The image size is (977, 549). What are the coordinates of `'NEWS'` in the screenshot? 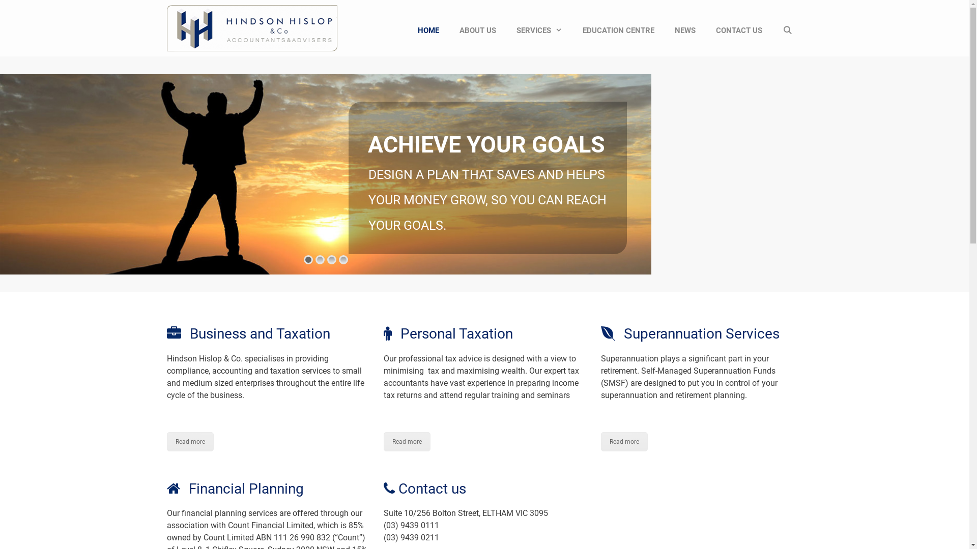 It's located at (685, 30).